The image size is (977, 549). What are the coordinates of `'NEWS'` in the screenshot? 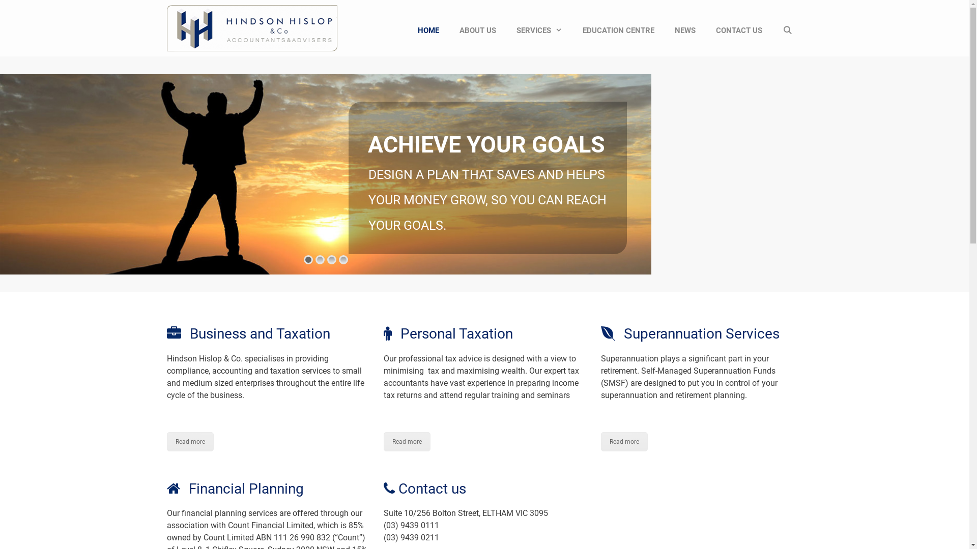 It's located at (685, 30).